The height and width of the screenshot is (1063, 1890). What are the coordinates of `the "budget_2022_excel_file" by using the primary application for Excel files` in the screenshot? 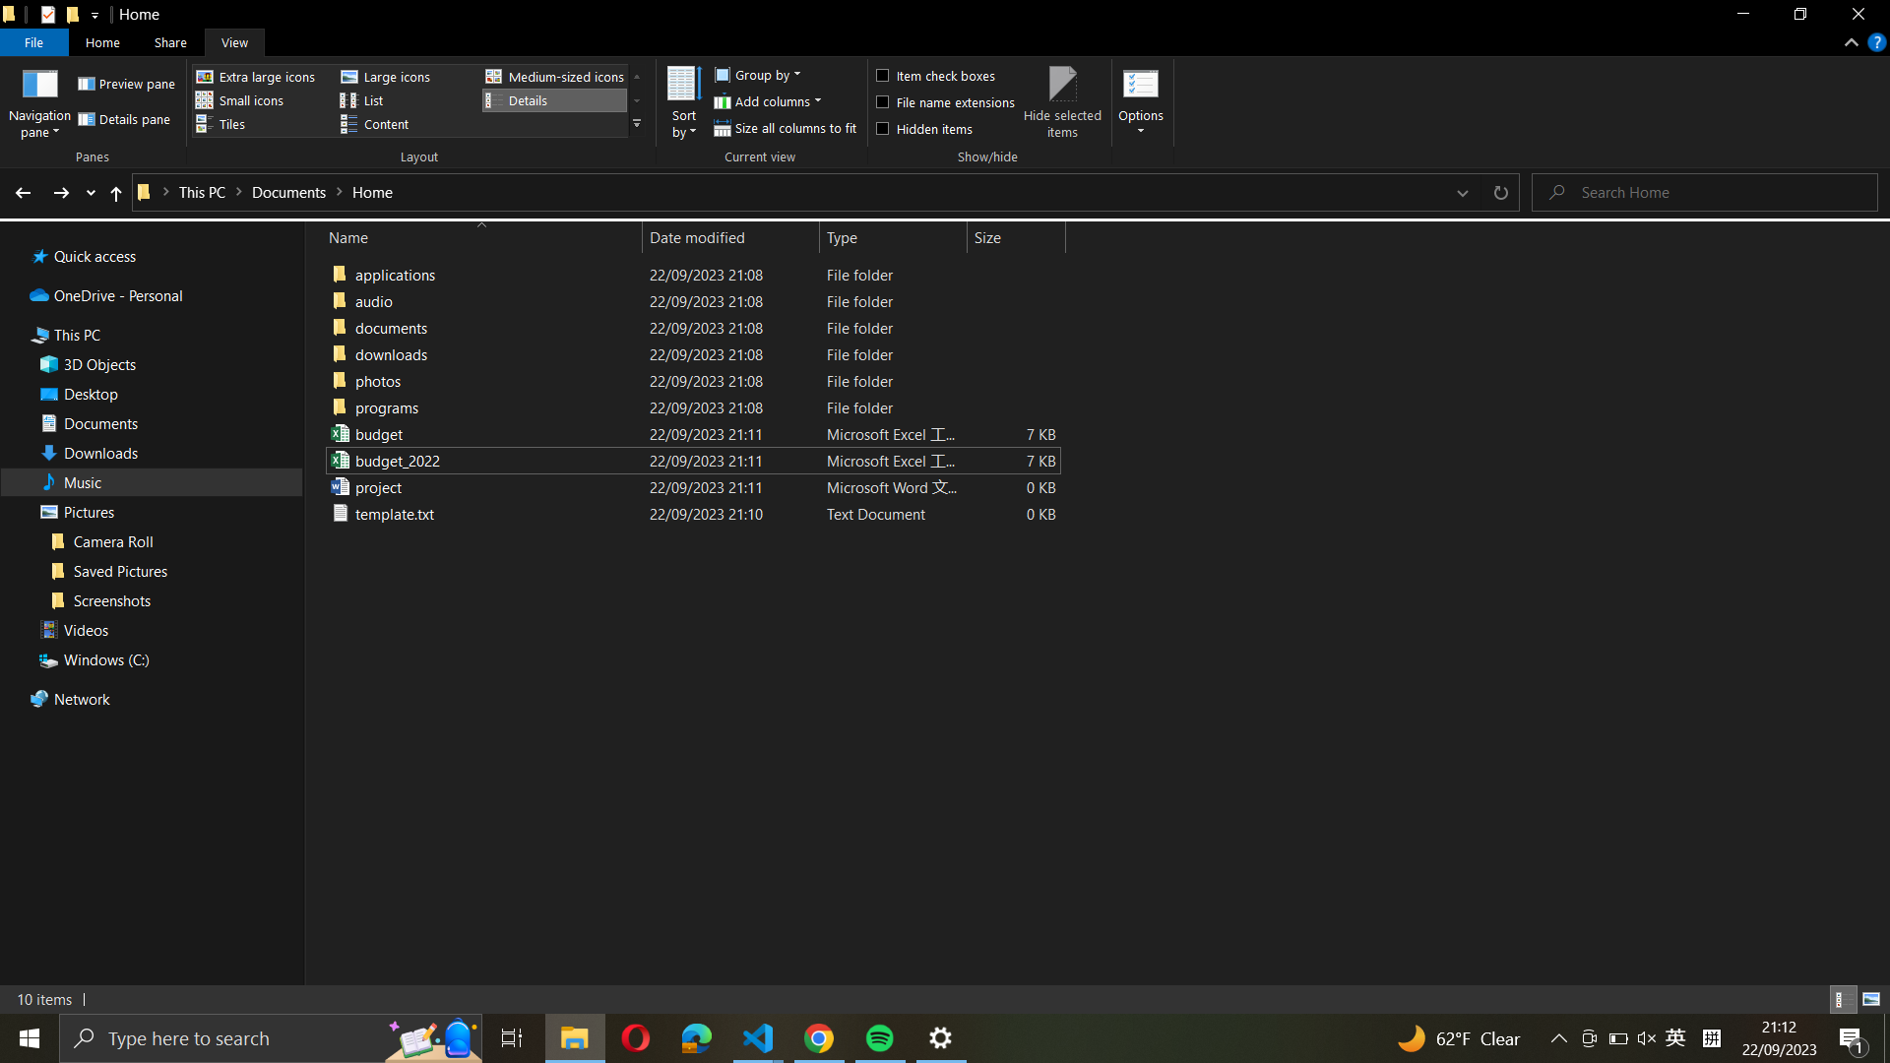 It's located at (689, 460).